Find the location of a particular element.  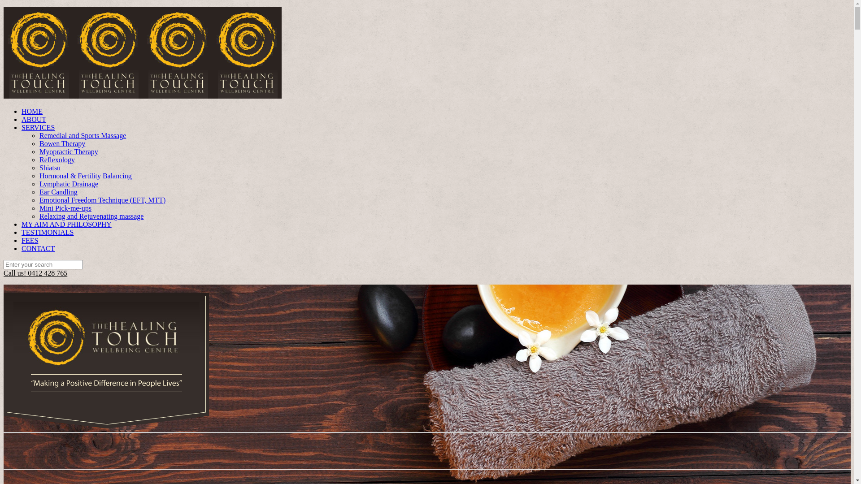

'Hormonal & Fertility Balancing' is located at coordinates (39, 176).